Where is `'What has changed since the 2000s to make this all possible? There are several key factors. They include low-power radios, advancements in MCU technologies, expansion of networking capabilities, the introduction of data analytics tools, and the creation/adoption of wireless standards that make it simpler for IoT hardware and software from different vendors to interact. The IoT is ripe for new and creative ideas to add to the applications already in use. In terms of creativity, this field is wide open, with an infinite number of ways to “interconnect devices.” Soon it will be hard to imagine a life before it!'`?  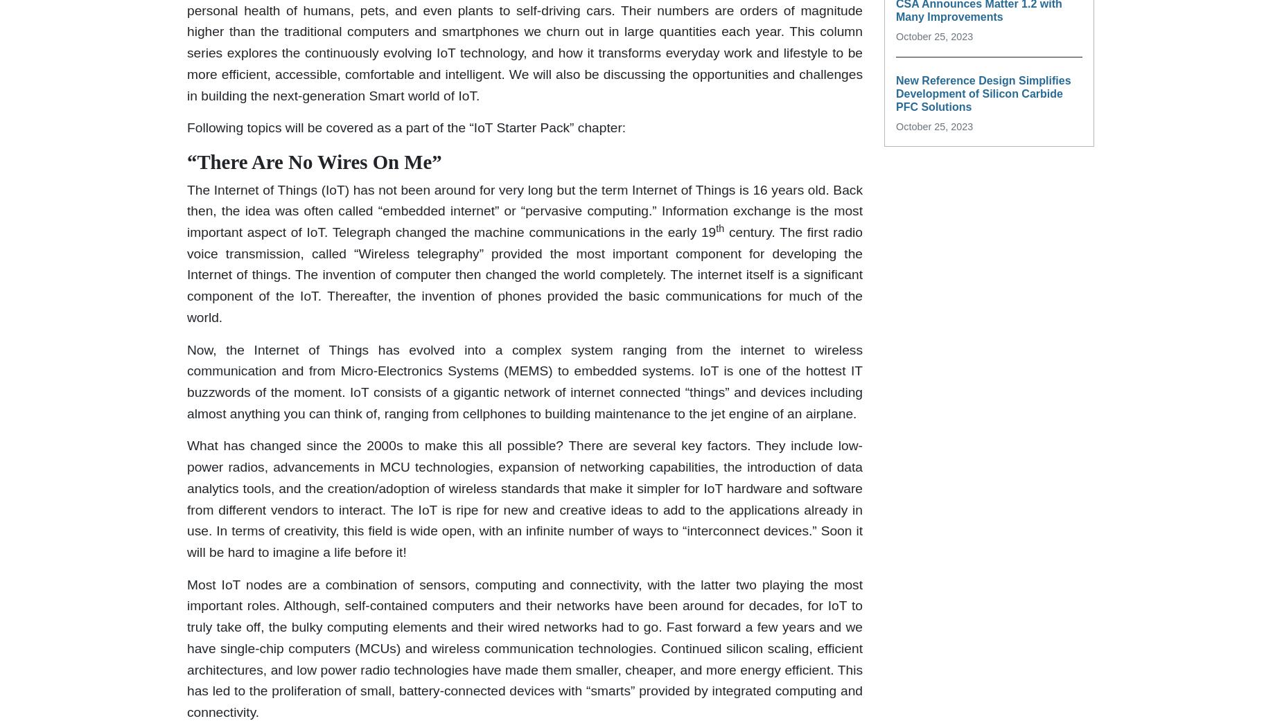 'What has changed since the 2000s to make this all possible? There are several key factors. They include low-power radios, advancements in MCU technologies, expansion of networking capabilities, the introduction of data analytics tools, and the creation/adoption of wireless standards that make it simpler for IoT hardware and software from different vendors to interact. The IoT is ripe for new and creative ideas to add to the applications already in use. In terms of creativity, this field is wide open, with an infinite number of ways to “interconnect devices.” Soon it will be hard to imagine a life before it!' is located at coordinates (525, 498).